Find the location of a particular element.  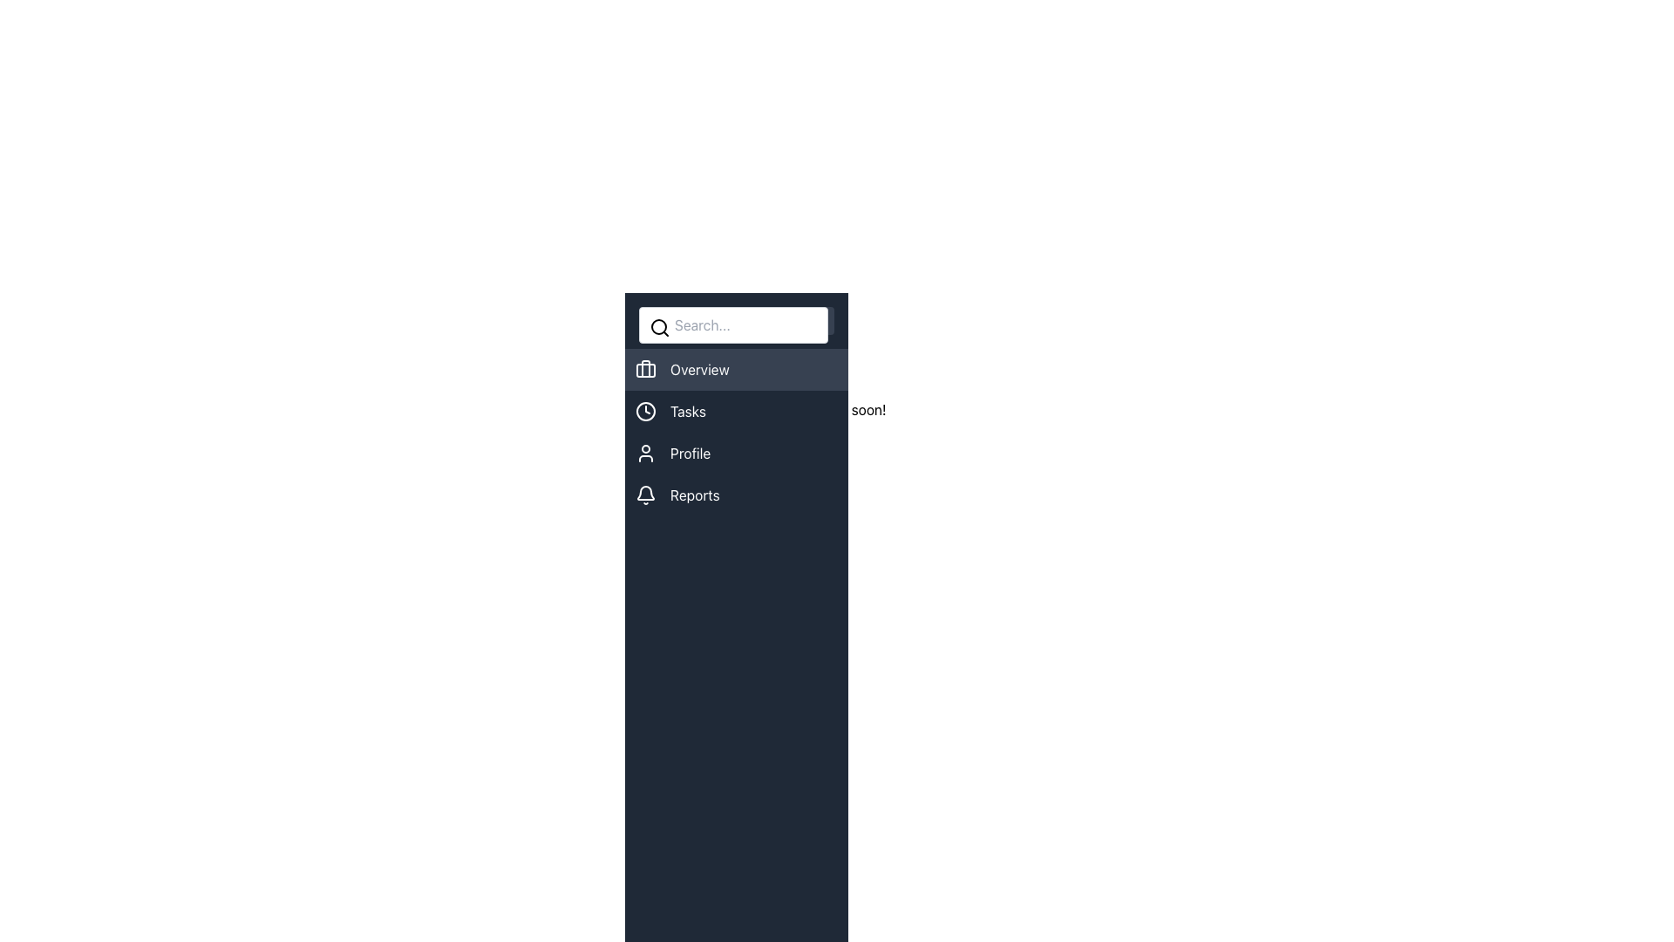

the circular lens element of the magnifying glass search icon located to the left of the search input field in the vertical navigation bar is located at coordinates (657, 326).